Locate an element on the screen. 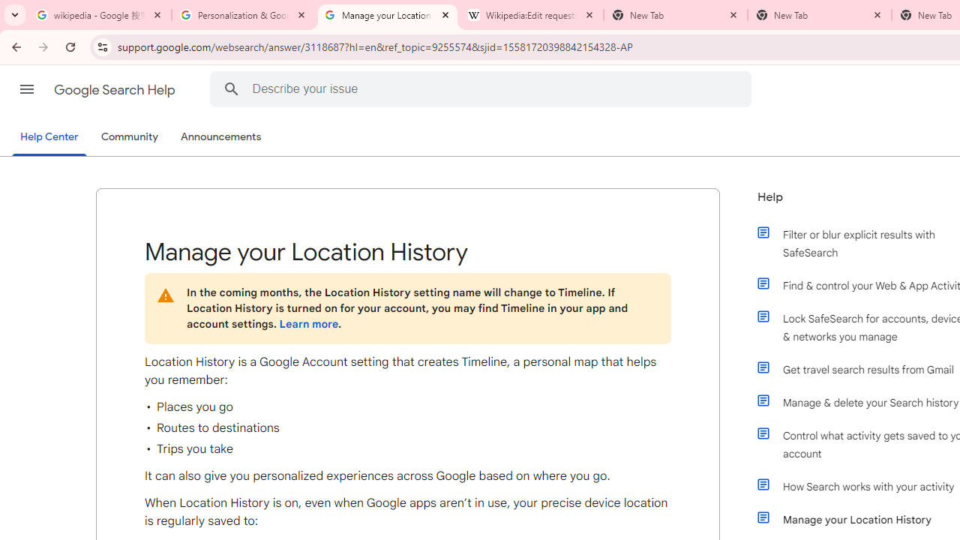 This screenshot has width=960, height=540. 'Announcements' is located at coordinates (220, 137).